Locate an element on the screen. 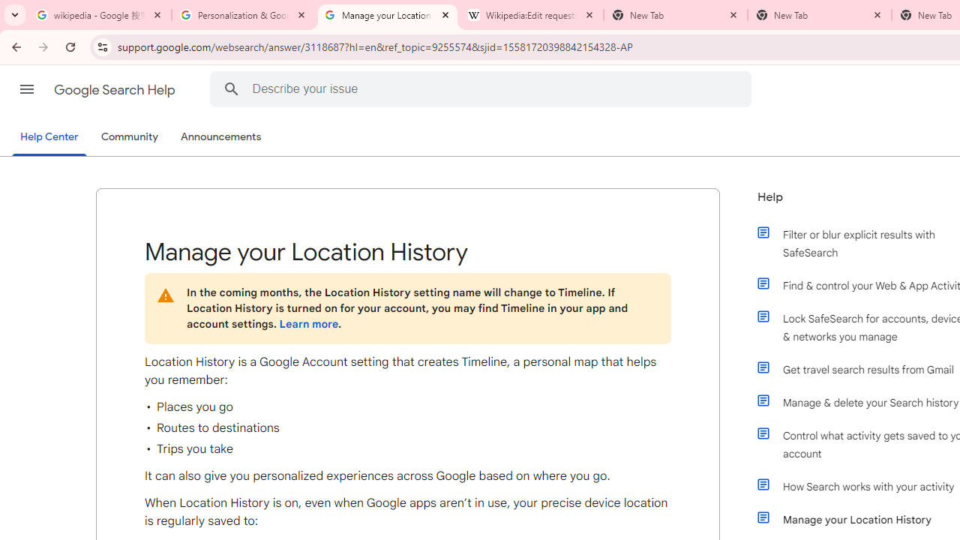 This screenshot has width=960, height=540. 'Announcements' is located at coordinates (220, 137).